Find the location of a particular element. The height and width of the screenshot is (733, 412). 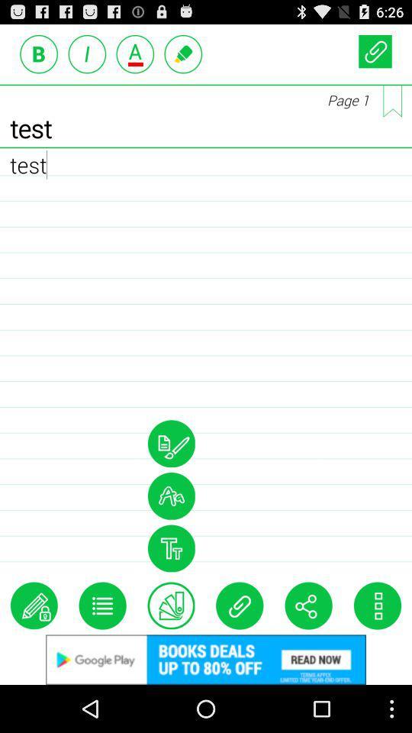

menu options is located at coordinates (102, 605).